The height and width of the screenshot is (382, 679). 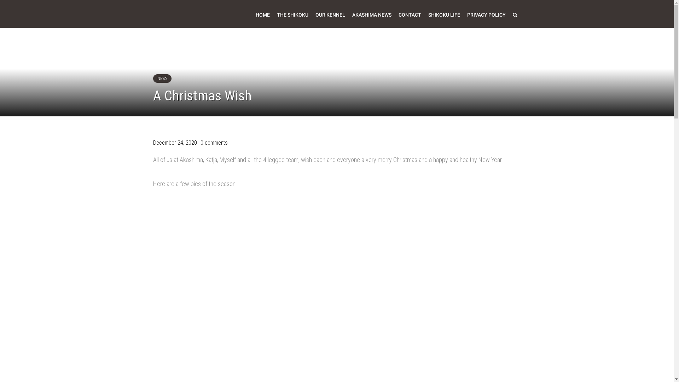 What do you see at coordinates (251, 15) in the screenshot?
I see `'HOME'` at bounding box center [251, 15].